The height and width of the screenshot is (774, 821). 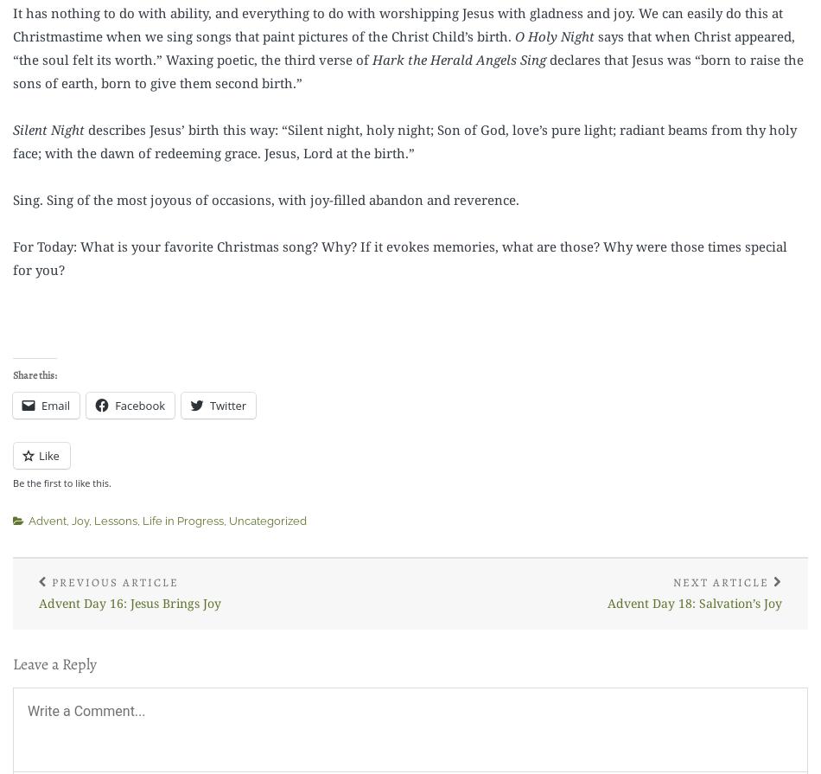 I want to click on 'It has nothing to do with ability, and everything to do with worshipping Jesus with gladness and joy. We can easily do this at Christmastime when we sing songs that paint pictures of the Christ Child’s birth.', so click(x=397, y=23).